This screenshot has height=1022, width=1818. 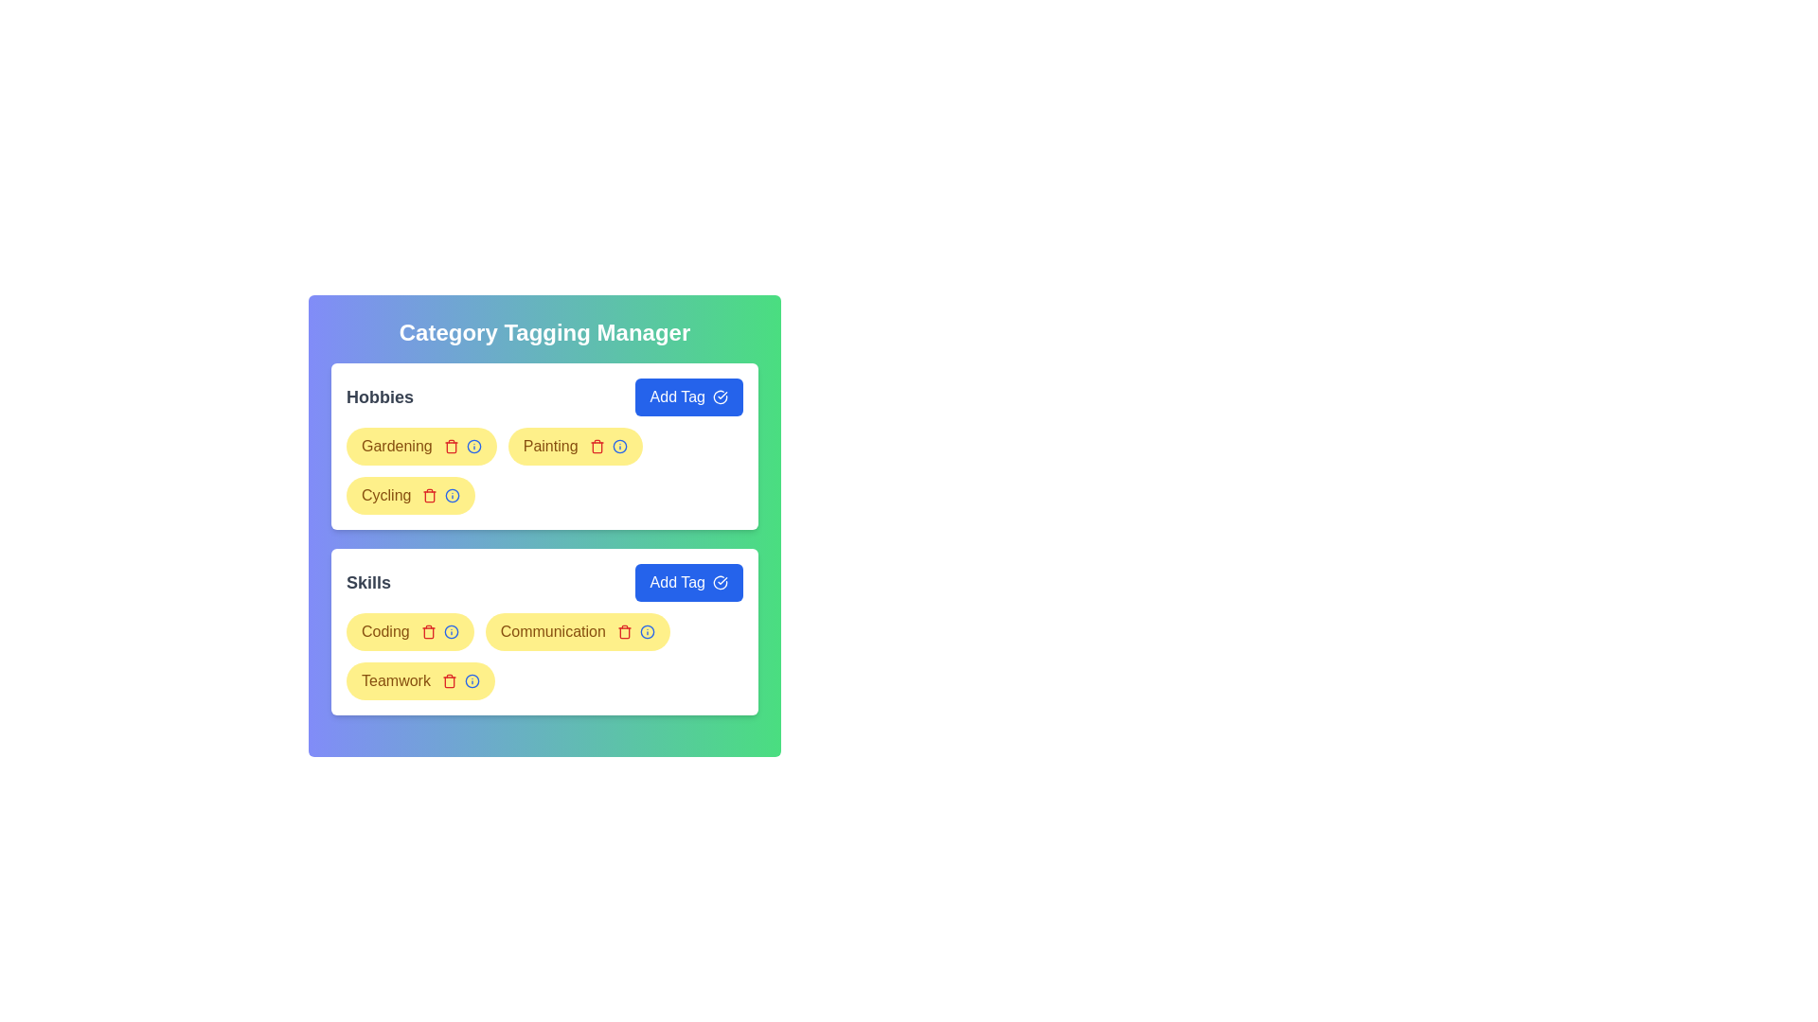 What do you see at coordinates (427, 631) in the screenshot?
I see `the red trash icon located immediately to the right of the 'Coding' label in the 'Skills' section` at bounding box center [427, 631].